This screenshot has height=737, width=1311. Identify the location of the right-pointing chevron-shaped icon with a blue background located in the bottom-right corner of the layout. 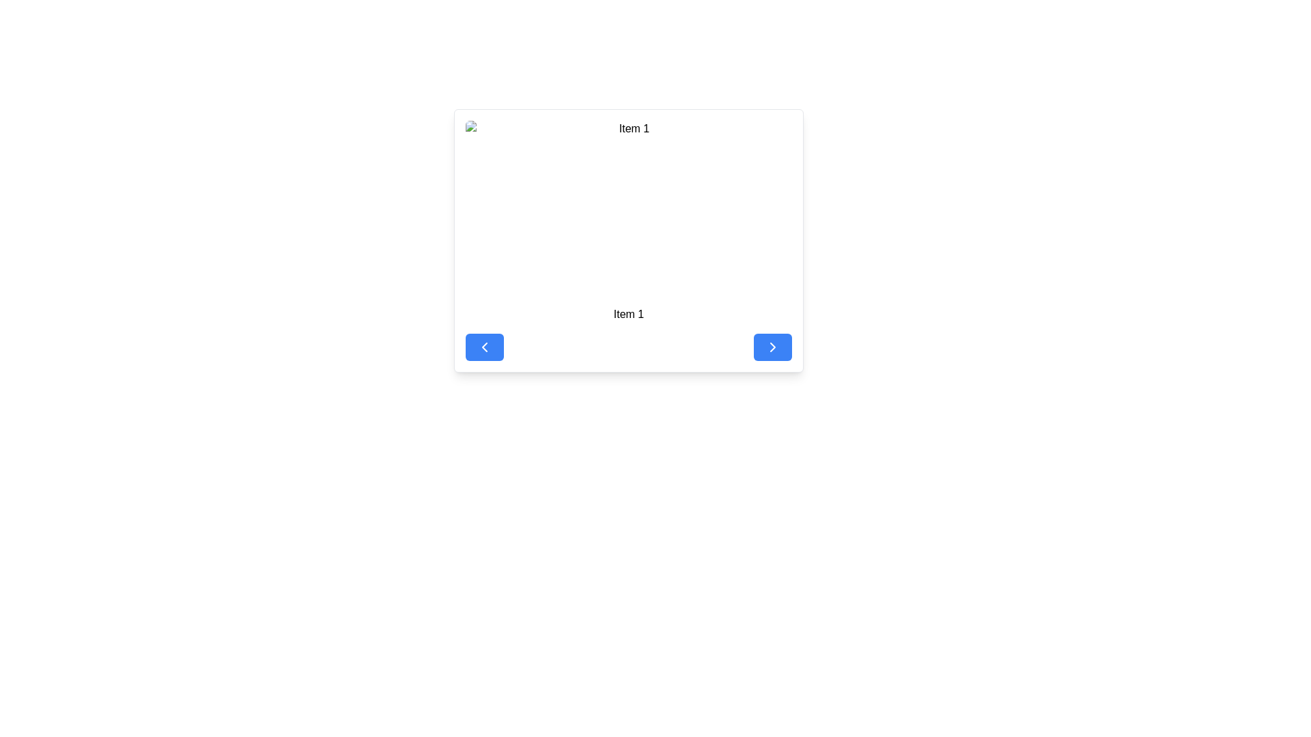
(773, 347).